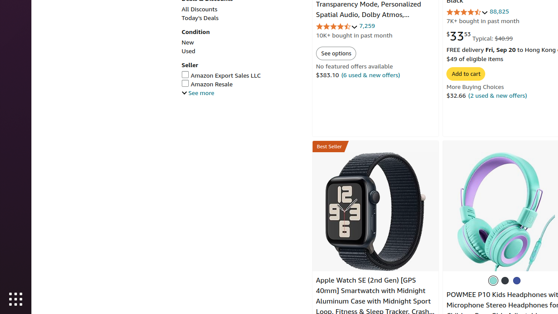 The width and height of the screenshot is (558, 314). Describe the element at coordinates (197, 92) in the screenshot. I see `'See more, Seller'` at that location.